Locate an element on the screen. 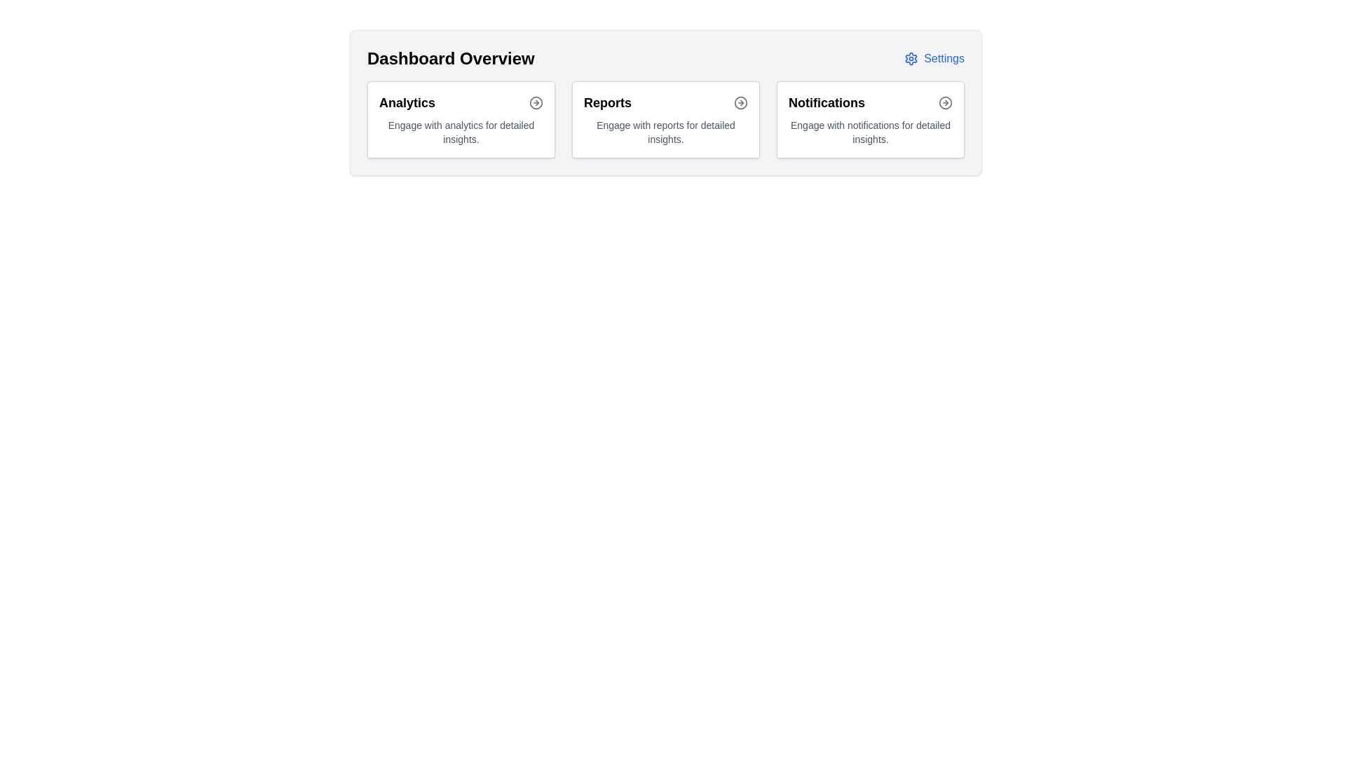  the textual description below the 'Reports' title in the 'Reports' card, which provides additional information about the reports feature is located at coordinates (665, 132).